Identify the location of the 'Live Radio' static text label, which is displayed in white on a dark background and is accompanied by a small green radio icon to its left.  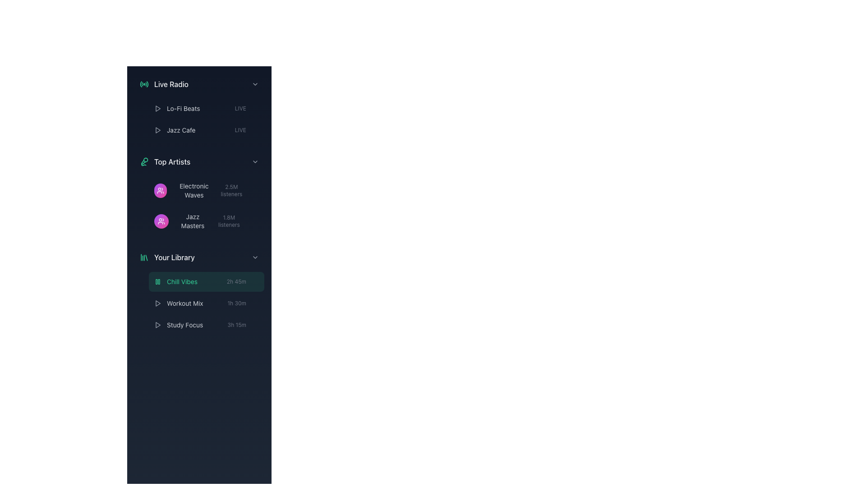
(171, 84).